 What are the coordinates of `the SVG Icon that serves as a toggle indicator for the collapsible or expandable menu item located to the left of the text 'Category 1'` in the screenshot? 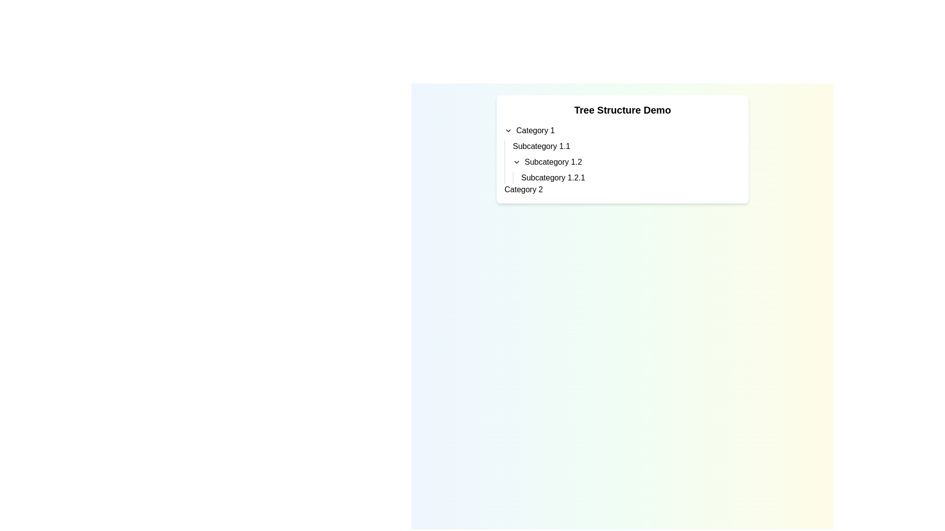 It's located at (508, 130).